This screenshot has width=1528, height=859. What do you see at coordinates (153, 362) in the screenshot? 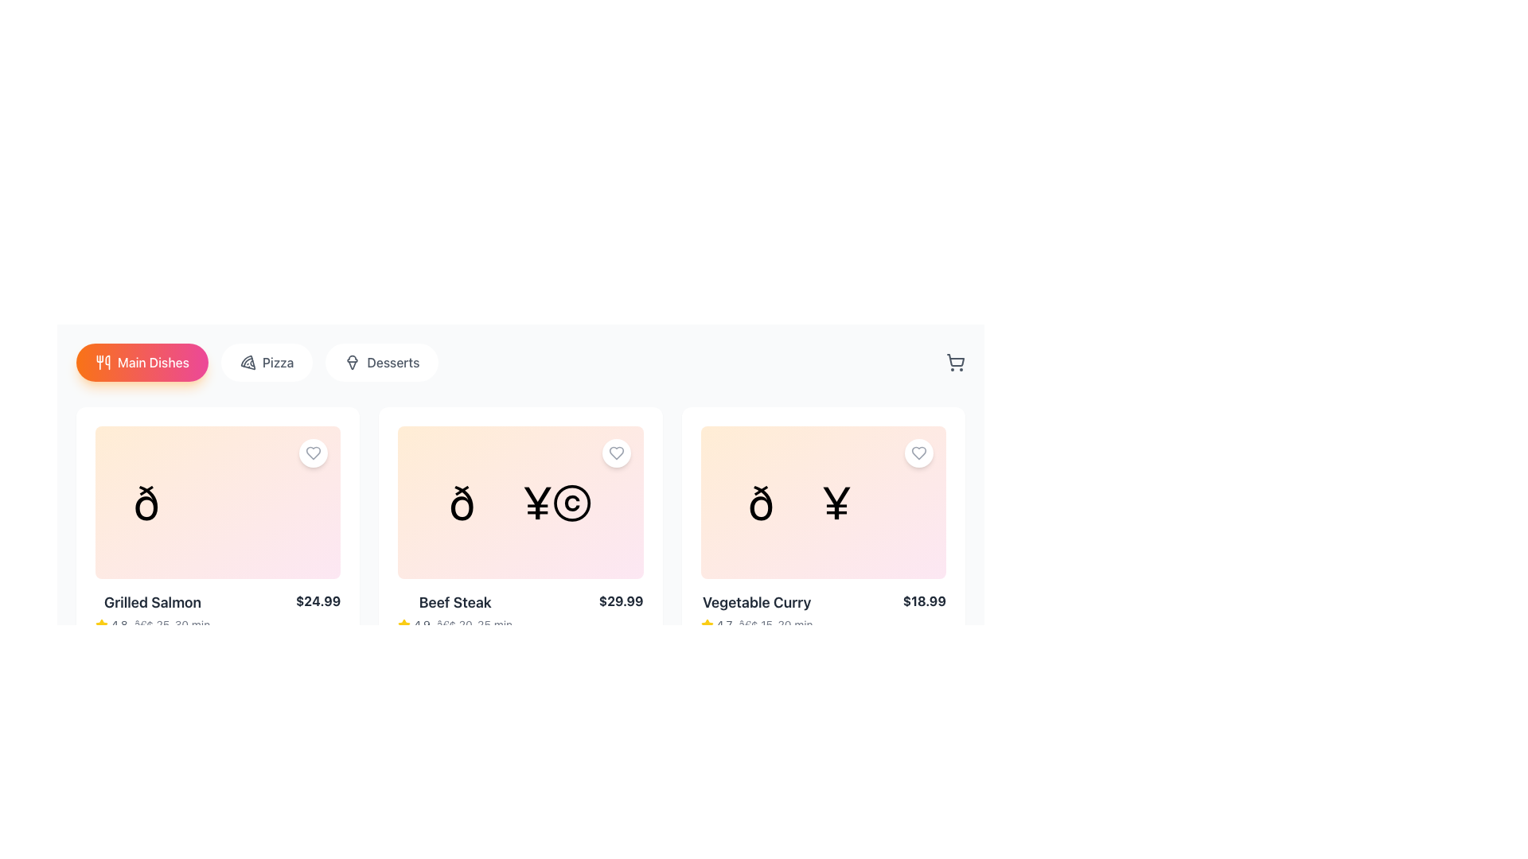
I see `the 'Main Dishes' label within the button, which is styled with a gradient background and contains white text centered next to an icon` at bounding box center [153, 362].